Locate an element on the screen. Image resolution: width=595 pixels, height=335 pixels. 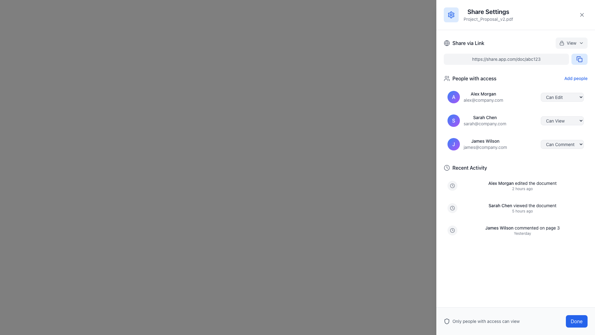
the email address 'james@company.com' displayed in light gray text beneath 'James Wilson' in the 'People with access' section is located at coordinates (485, 147).